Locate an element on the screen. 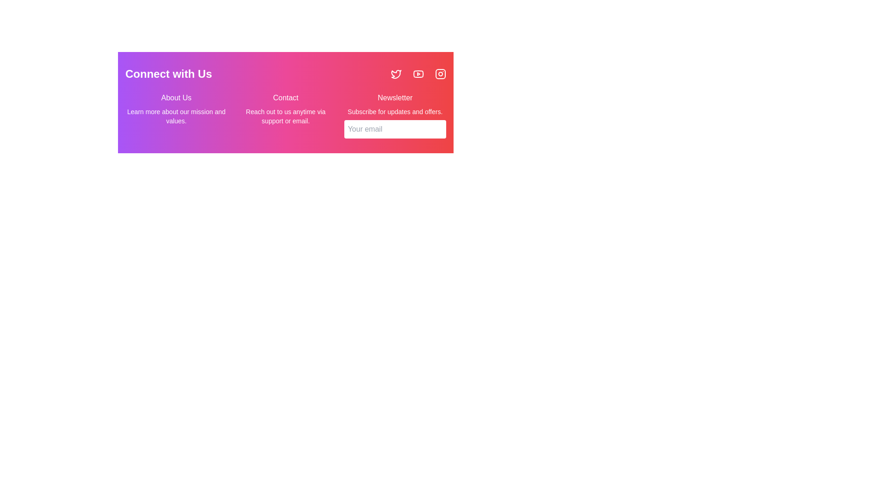 Image resolution: width=885 pixels, height=497 pixels. the text element that reads 'Subscribe for updates and offers.' which is styled in white color on a gradient background, located directly below the 'Newsletter' heading is located at coordinates (395, 111).